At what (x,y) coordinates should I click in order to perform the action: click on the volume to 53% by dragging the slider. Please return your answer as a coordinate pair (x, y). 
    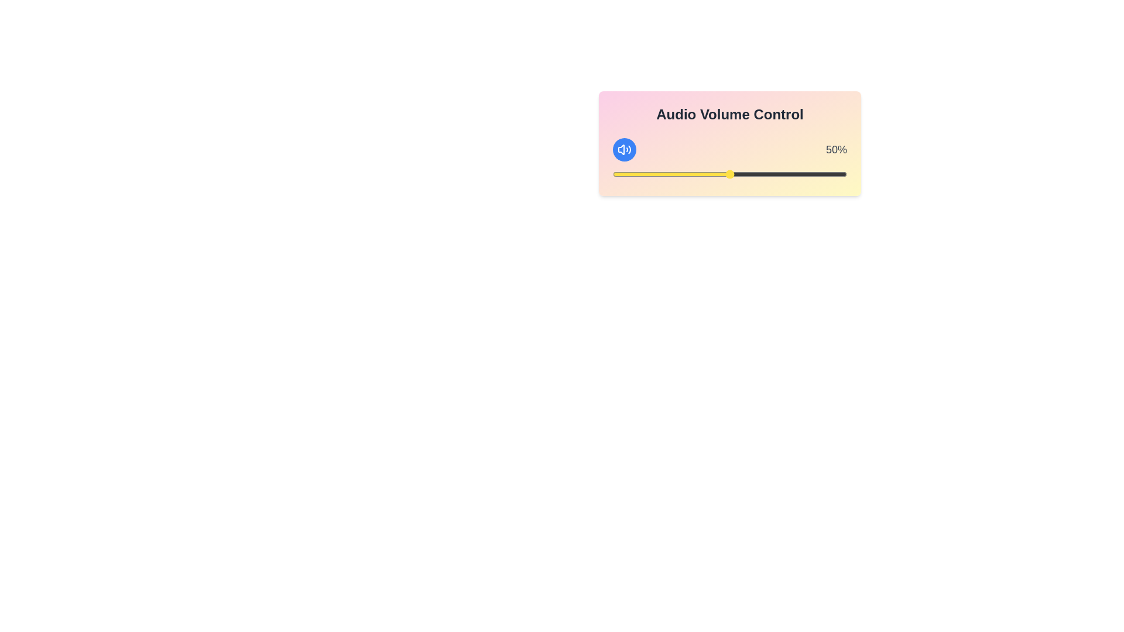
    Looking at the image, I should click on (736, 174).